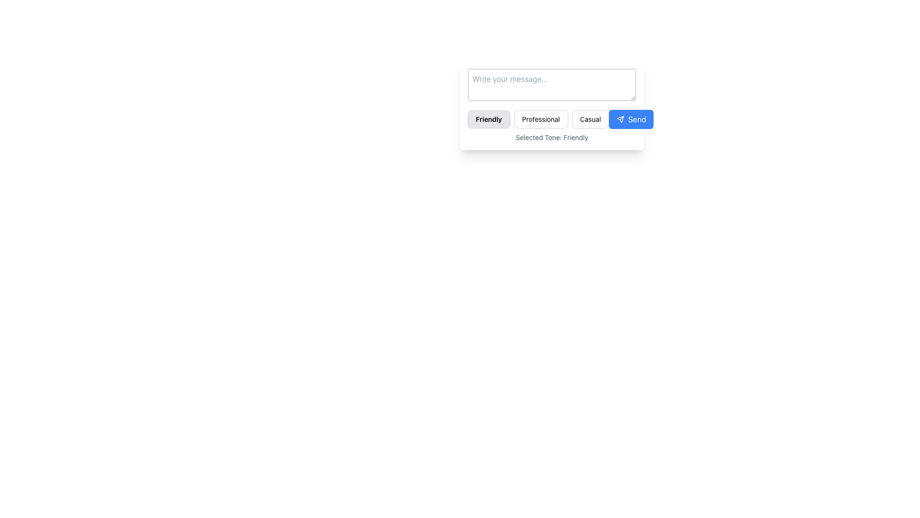 This screenshot has height=518, width=920. What do you see at coordinates (637, 119) in the screenshot?
I see `the button labeled 'Send', which is a white text on a blue background, positioned centrally within a rounded rectangular button on the rightmost side of a button group for sending messages` at bounding box center [637, 119].